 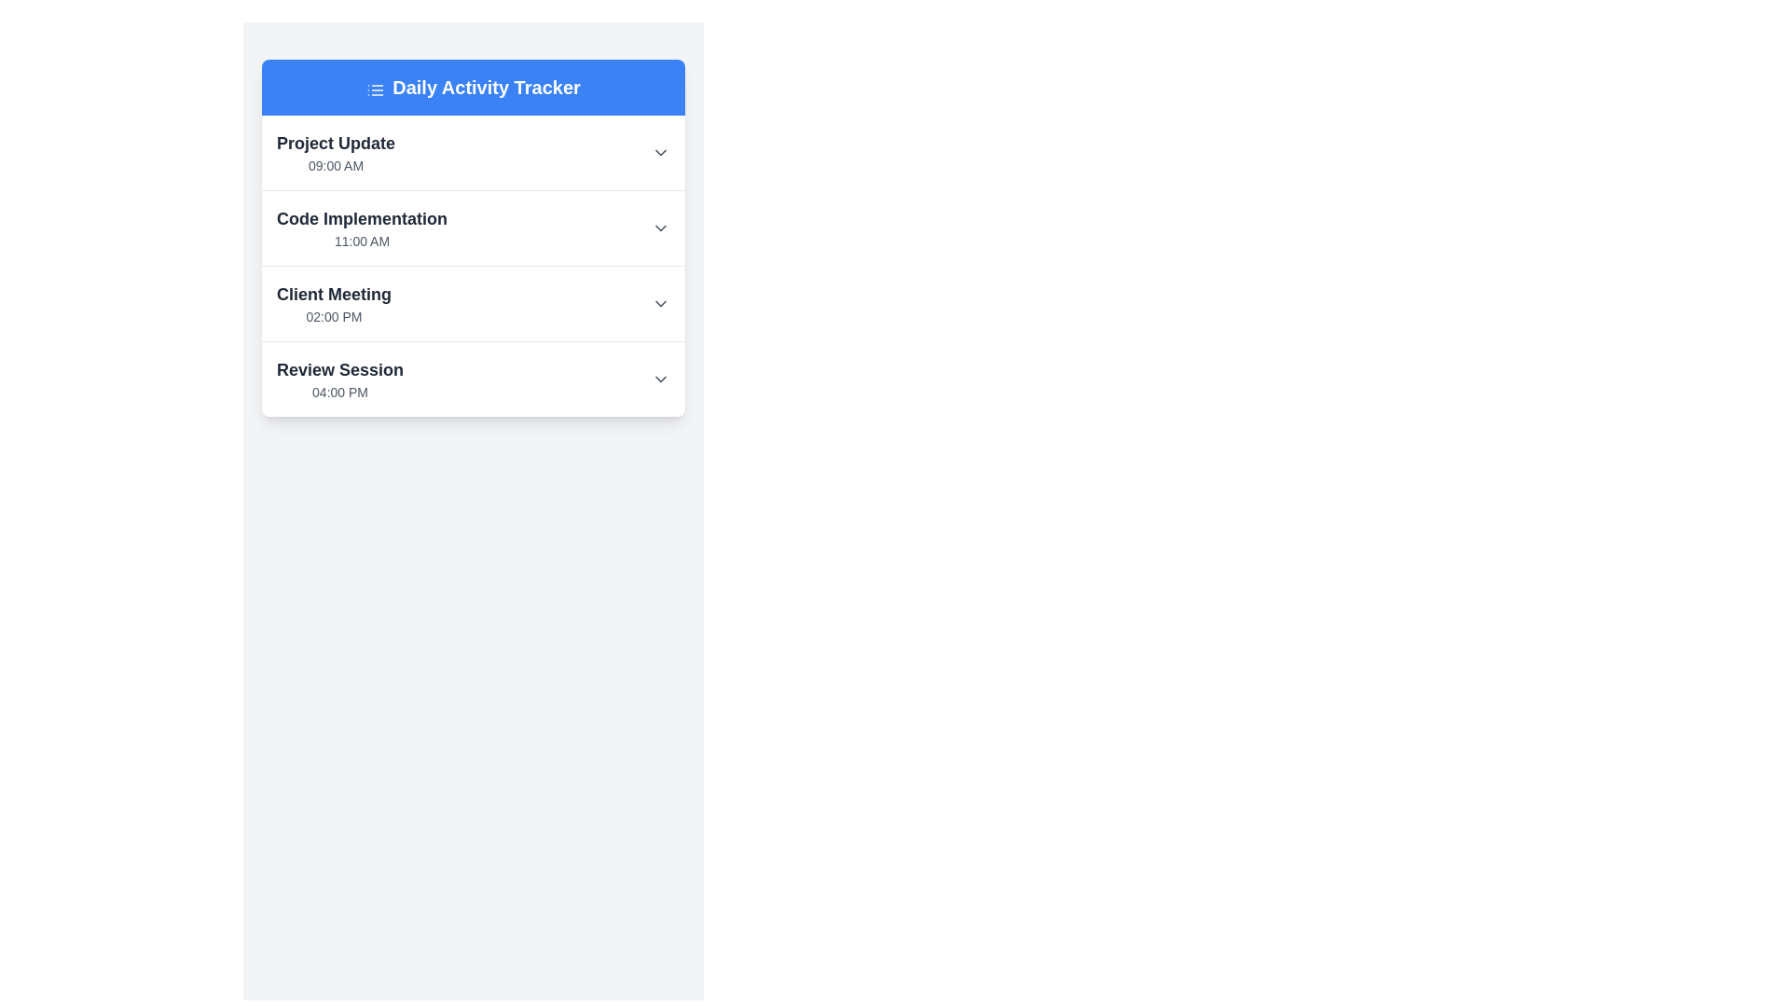 I want to click on the static text label displaying 'Client Meeting', which is a bold, large font in dark gray color, located under the title 'Daily Activity Tracker' and above the schedule '02:00 PM', so click(x=334, y=294).